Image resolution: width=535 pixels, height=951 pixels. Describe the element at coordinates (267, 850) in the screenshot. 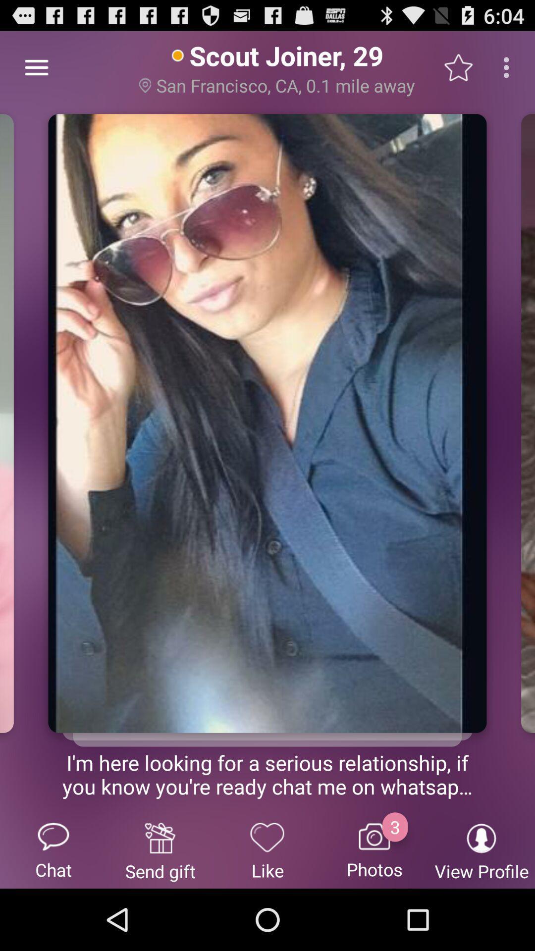

I see `the like with heart symbol` at that location.